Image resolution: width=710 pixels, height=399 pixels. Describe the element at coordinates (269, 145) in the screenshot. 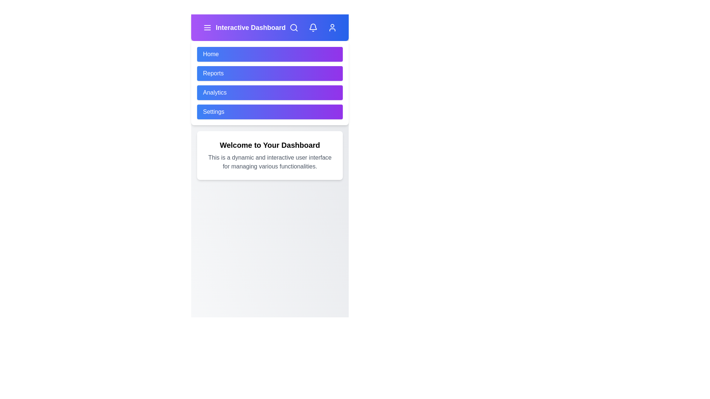

I see `the title text 'Welcome to Your Dashboard'` at that location.